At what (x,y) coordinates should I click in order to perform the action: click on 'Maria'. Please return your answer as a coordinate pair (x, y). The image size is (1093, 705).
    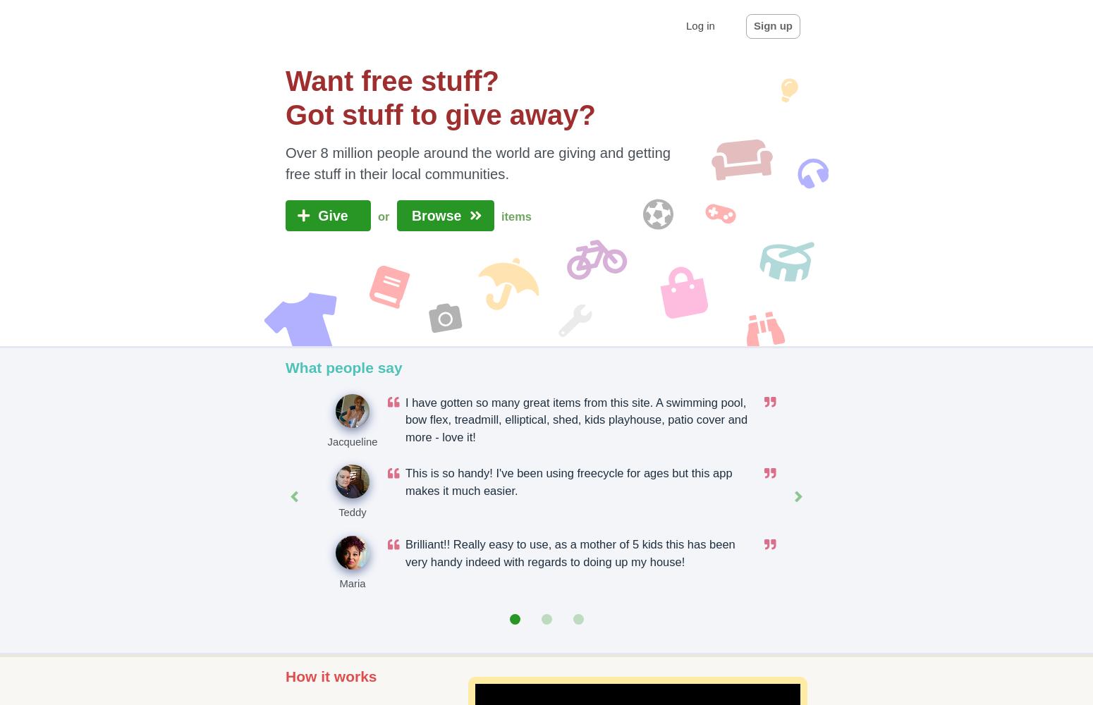
    Looking at the image, I should click on (351, 583).